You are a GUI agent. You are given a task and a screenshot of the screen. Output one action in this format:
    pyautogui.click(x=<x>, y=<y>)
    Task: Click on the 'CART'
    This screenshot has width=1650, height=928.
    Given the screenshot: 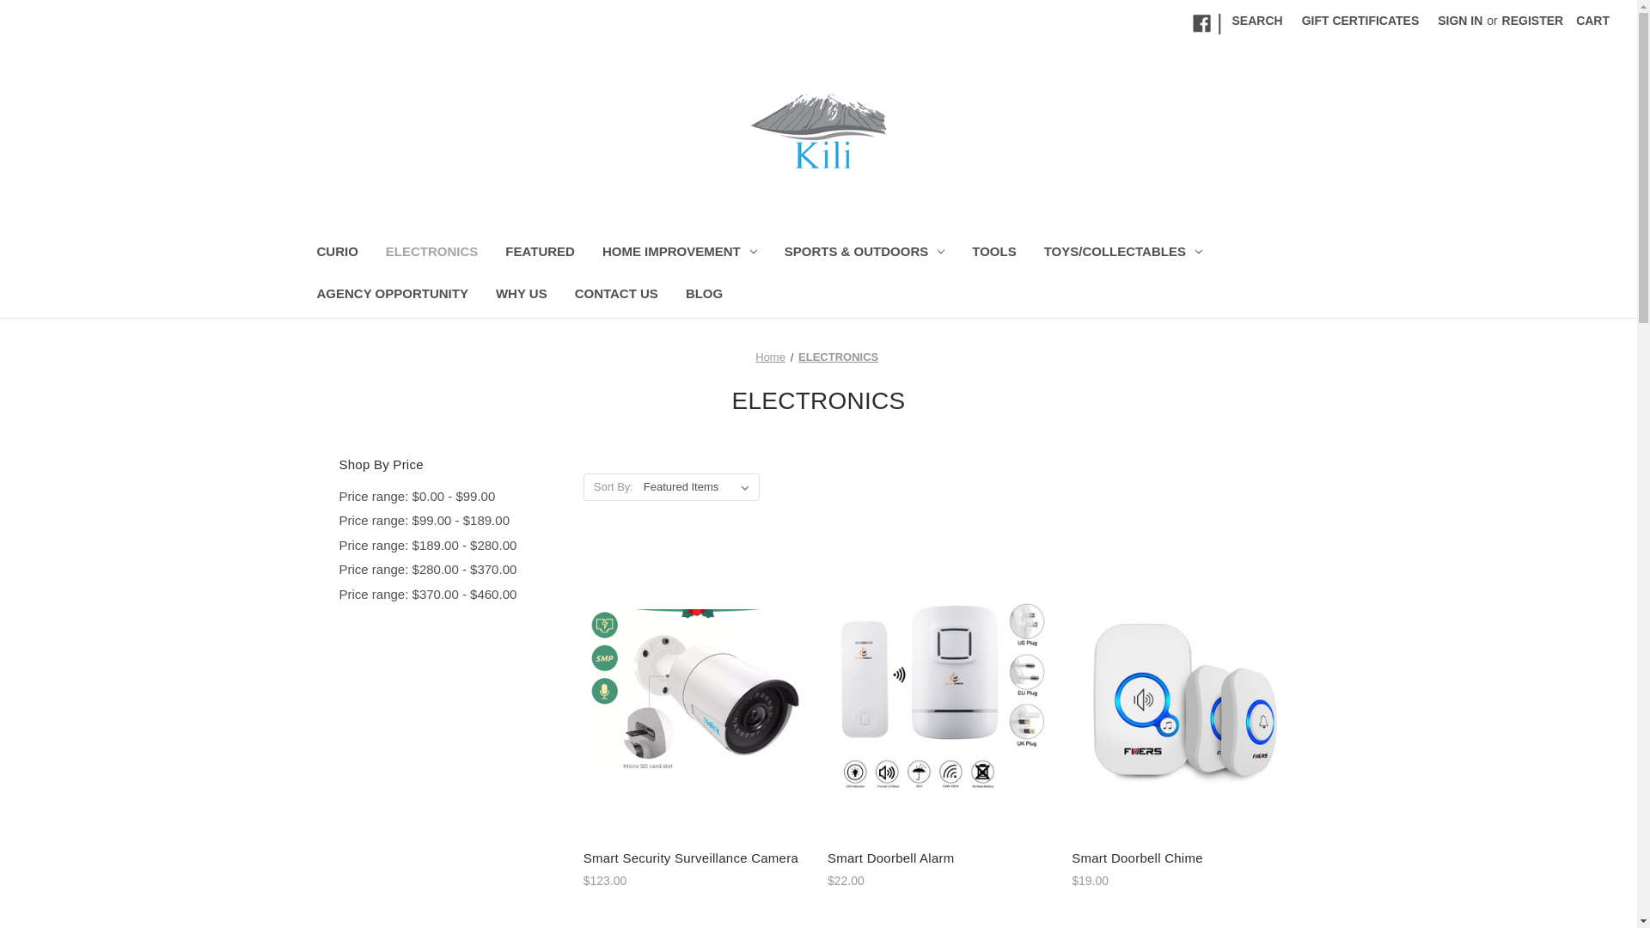 What is the action you would take?
    pyautogui.click(x=1592, y=21)
    